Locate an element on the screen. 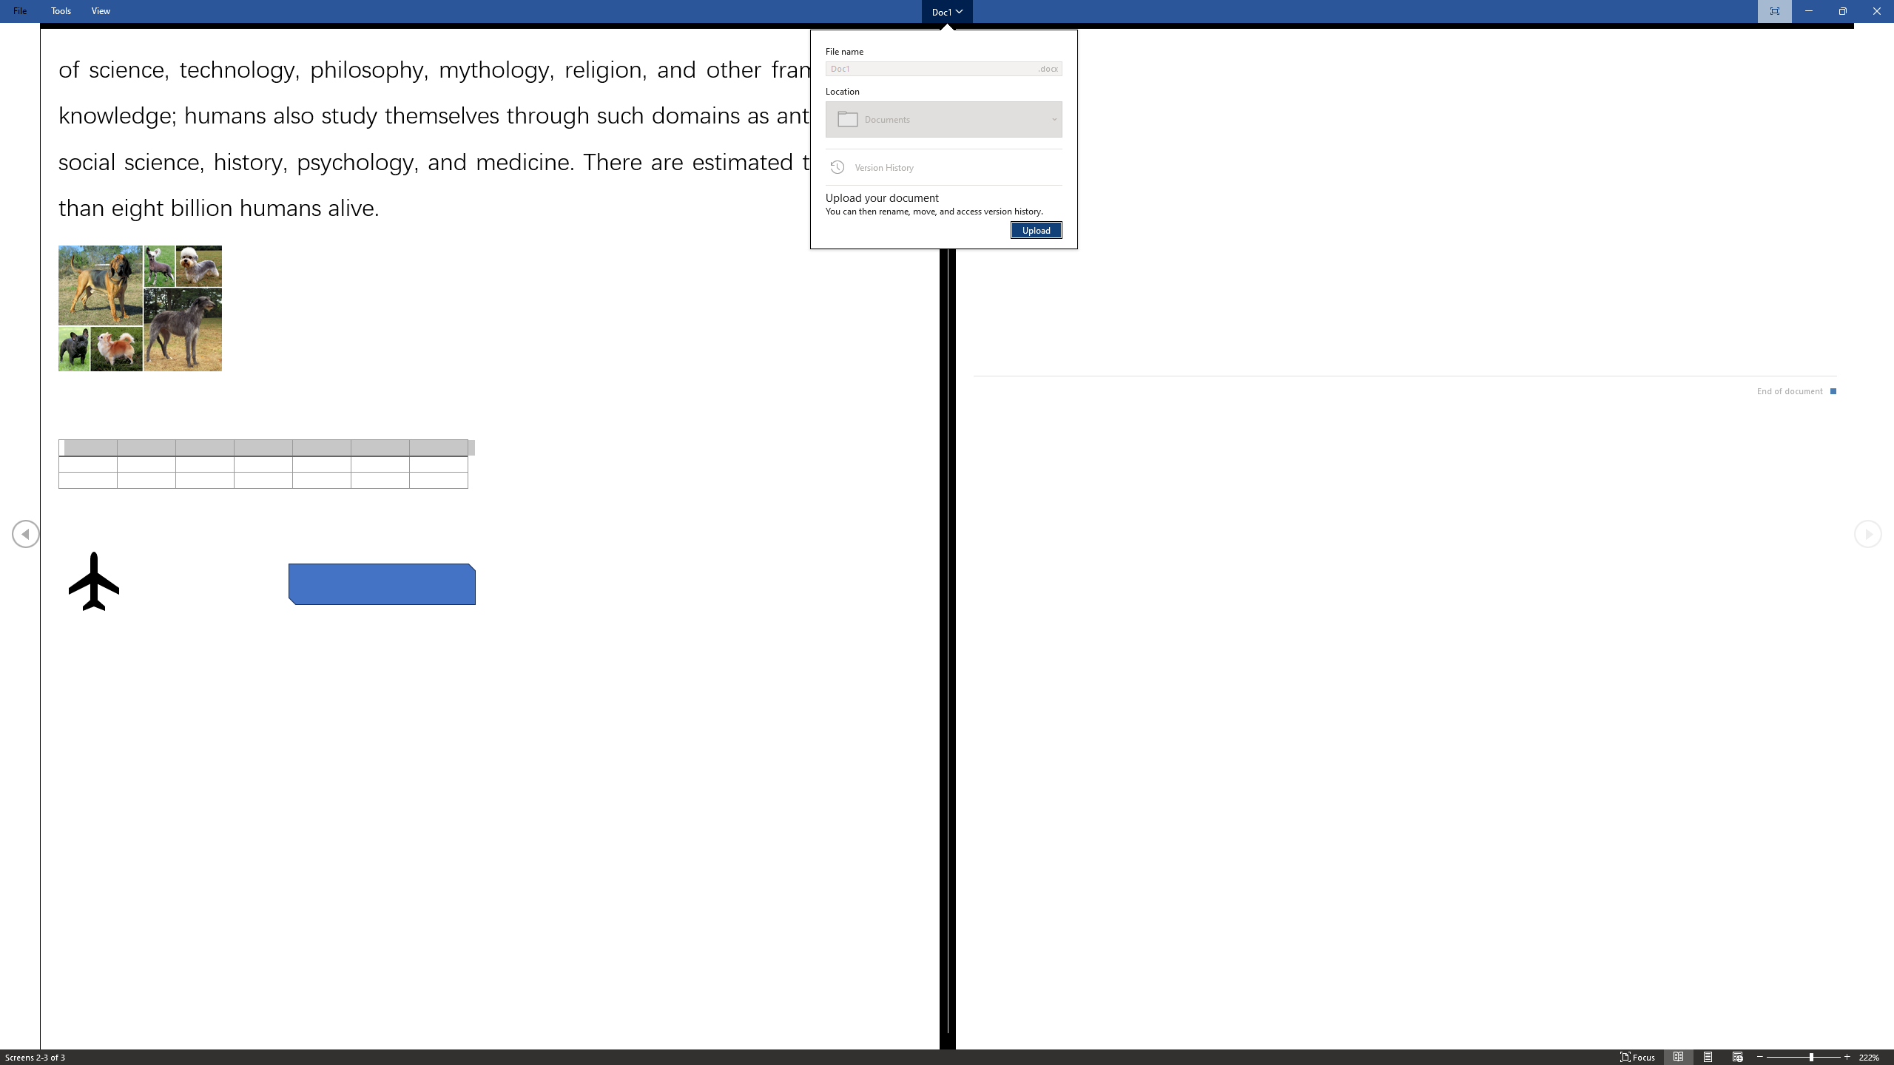 Image resolution: width=1894 pixels, height=1065 pixels. 'Tools' is located at coordinates (60, 10).